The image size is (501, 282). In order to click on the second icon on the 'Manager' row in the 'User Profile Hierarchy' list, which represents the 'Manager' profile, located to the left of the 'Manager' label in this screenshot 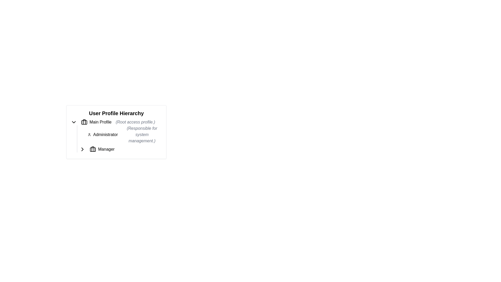, I will do `click(93, 149)`.